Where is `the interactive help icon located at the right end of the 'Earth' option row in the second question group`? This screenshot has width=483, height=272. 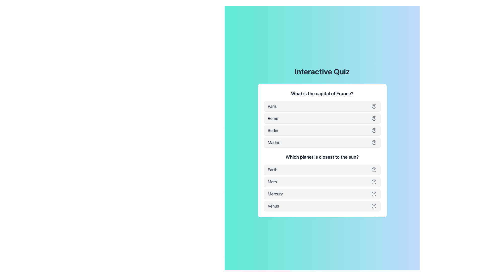 the interactive help icon located at the right end of the 'Earth' option row in the second question group is located at coordinates (374, 170).